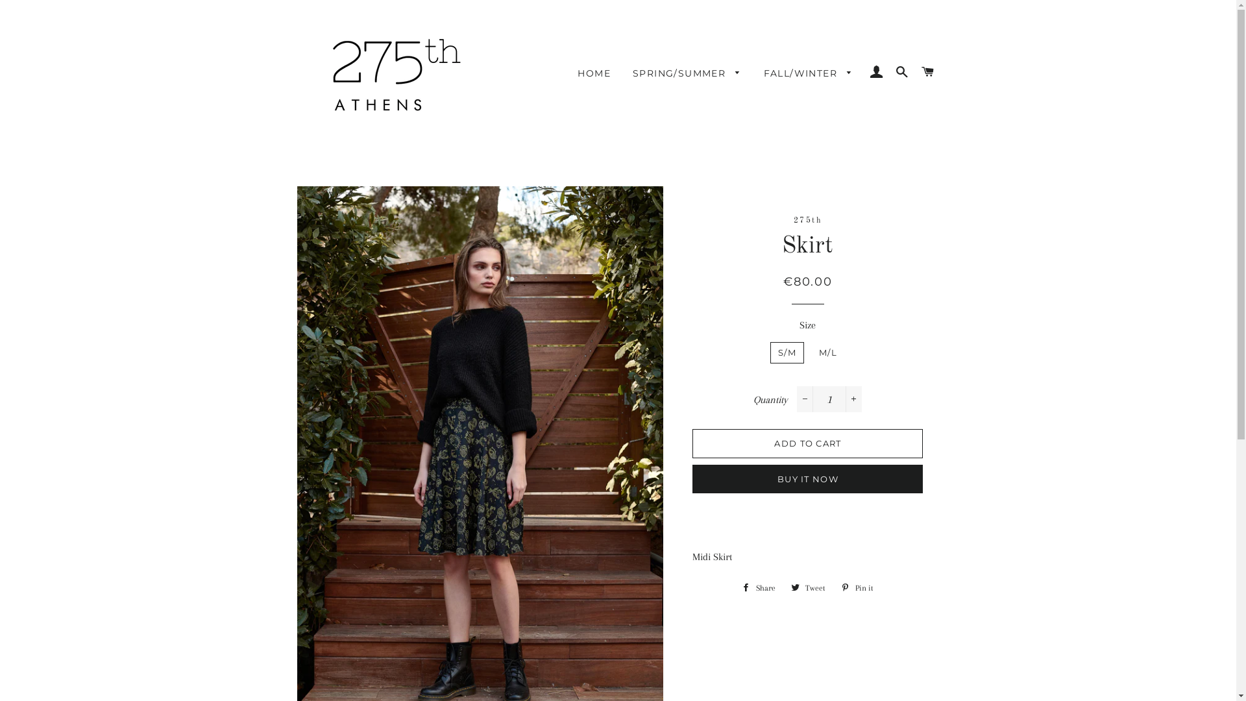 Image resolution: width=1246 pixels, height=701 pixels. What do you see at coordinates (593, 74) in the screenshot?
I see `'HOME'` at bounding box center [593, 74].